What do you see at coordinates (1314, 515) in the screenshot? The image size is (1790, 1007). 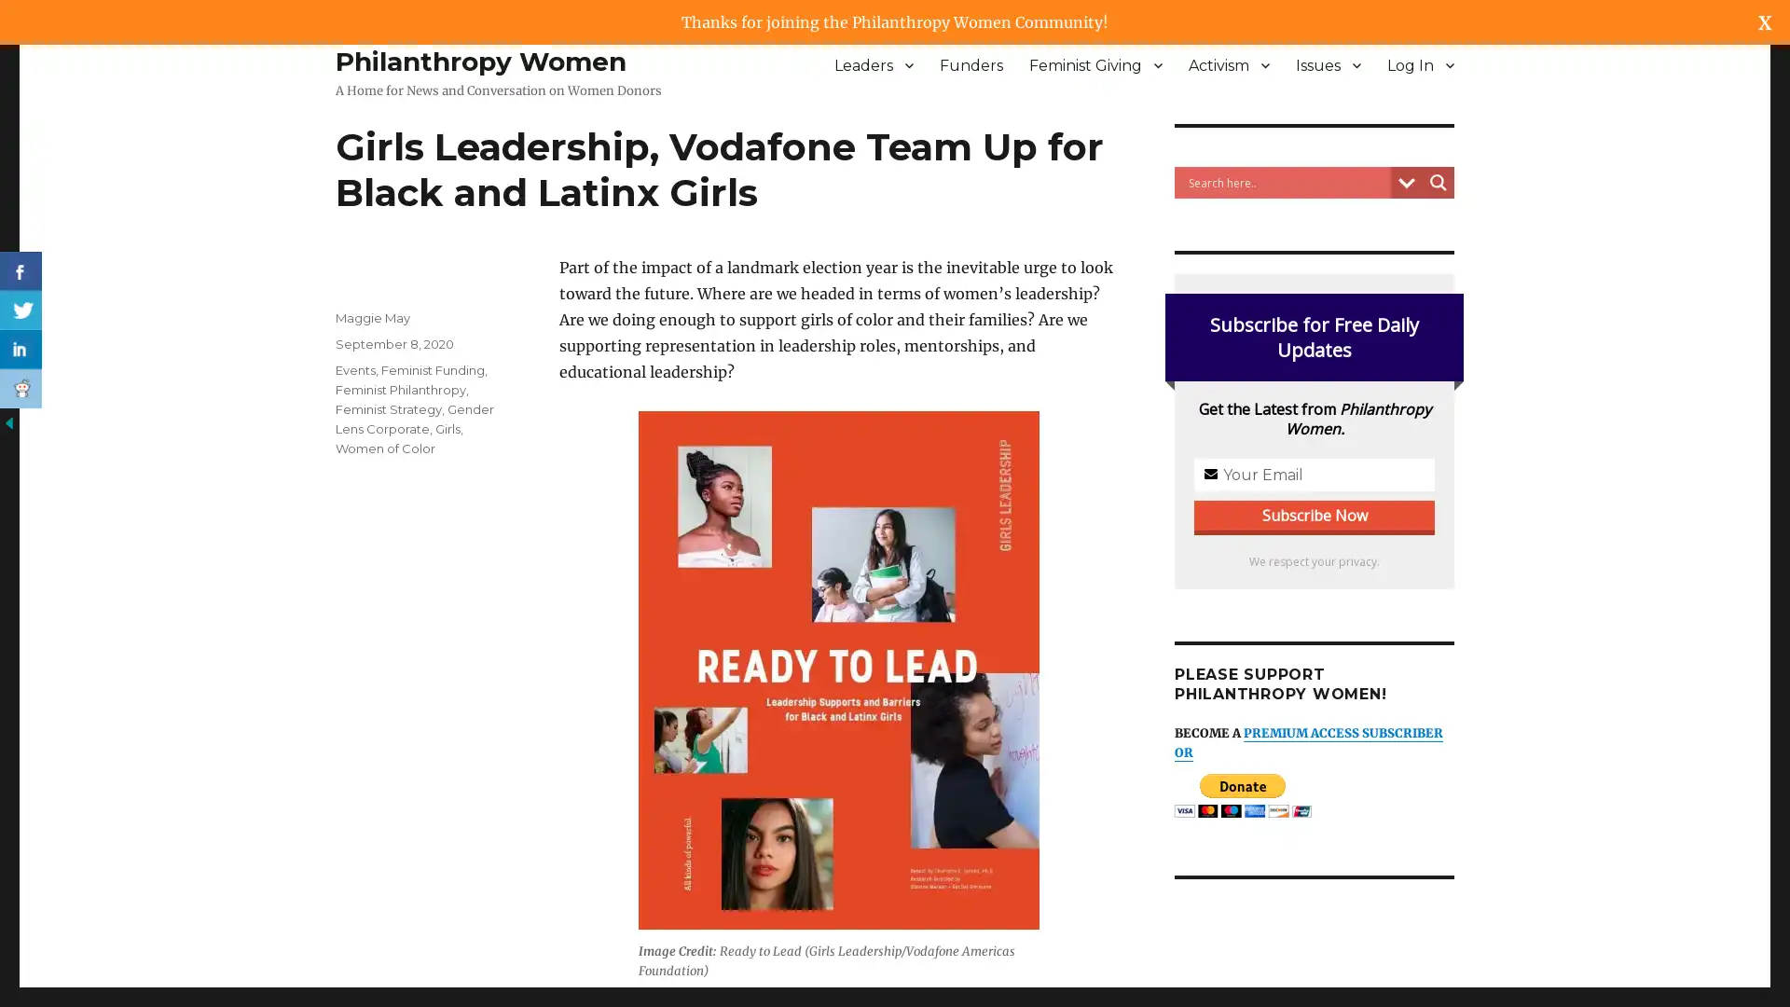 I see `Subscribe Now` at bounding box center [1314, 515].